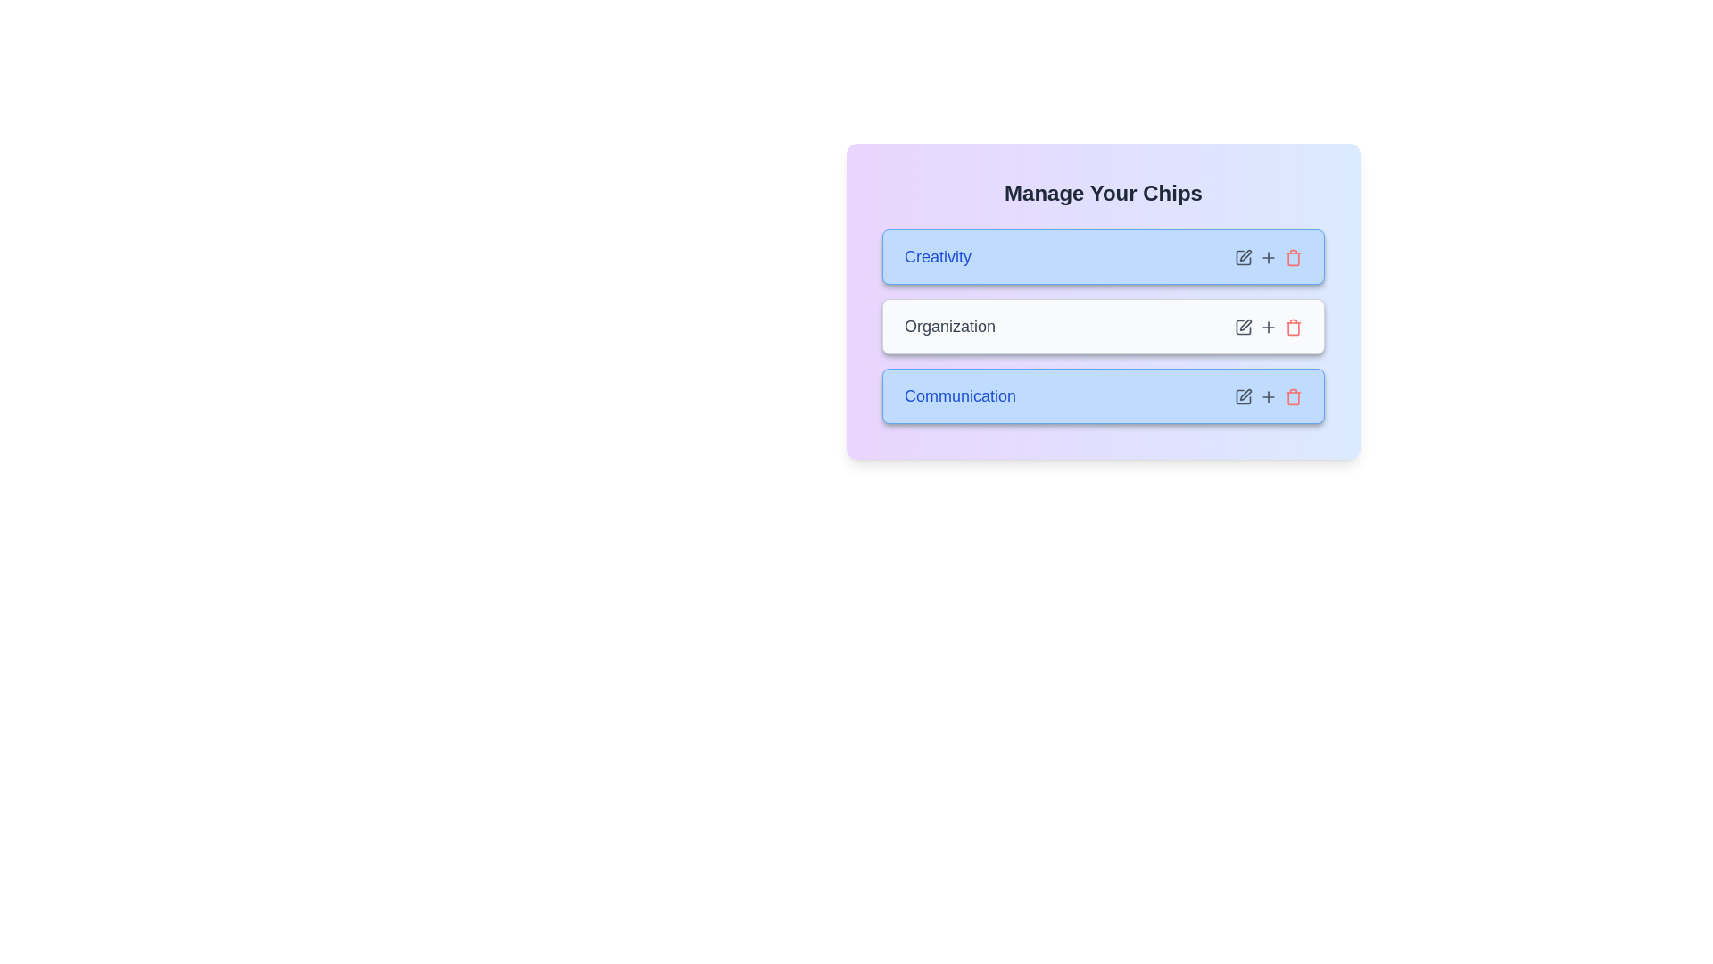 This screenshot has height=964, width=1713. I want to click on add icon for the chip labeled 'Organization', so click(1267, 327).